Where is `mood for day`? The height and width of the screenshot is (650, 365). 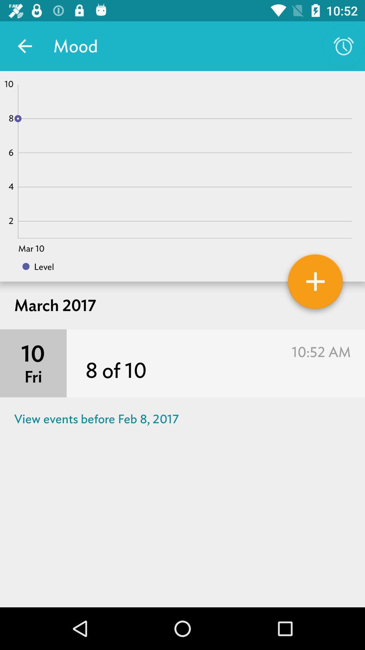 mood for day is located at coordinates (315, 284).